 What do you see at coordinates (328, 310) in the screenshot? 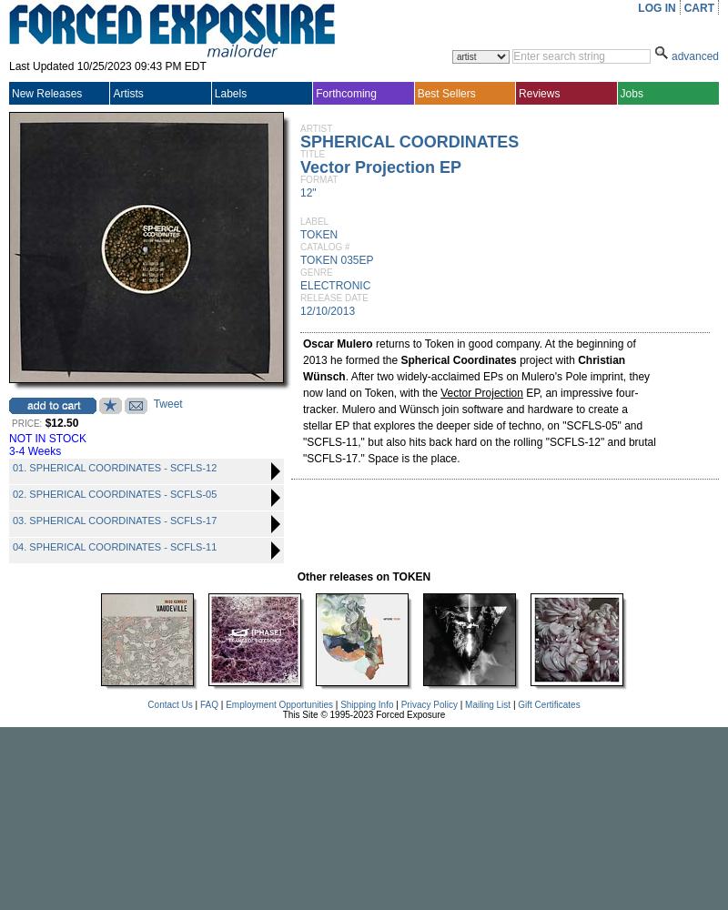
I see `'12/10/2013'` at bounding box center [328, 310].